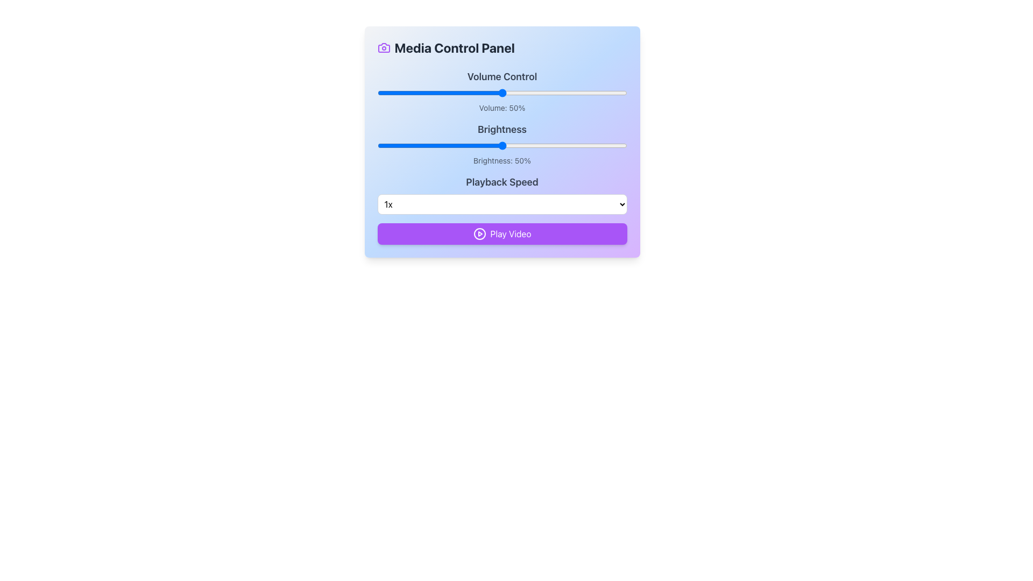  What do you see at coordinates (529, 145) in the screenshot?
I see `the brightness level` at bounding box center [529, 145].